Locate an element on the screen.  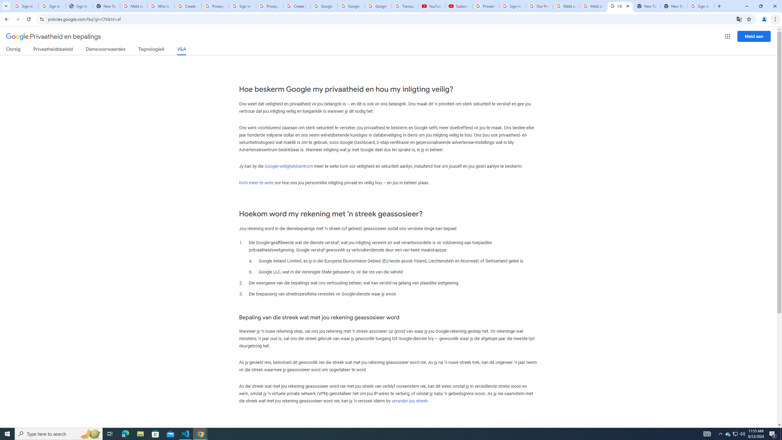
'YouTube' is located at coordinates (432, 6).